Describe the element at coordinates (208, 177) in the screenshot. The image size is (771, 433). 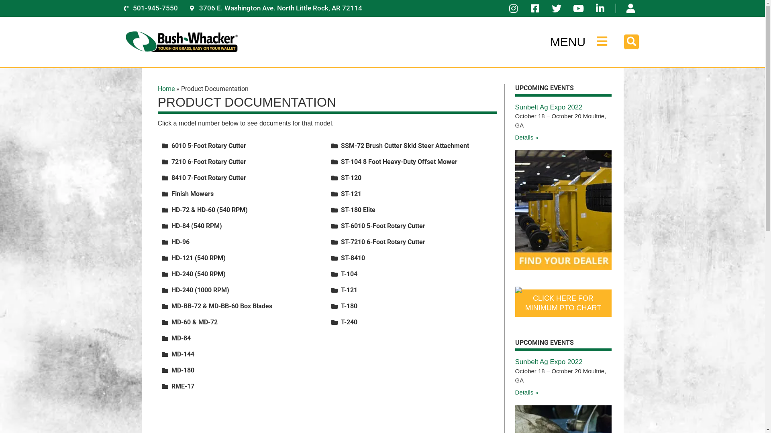
I see `'8410 7-Foot Rotary Cutter'` at that location.